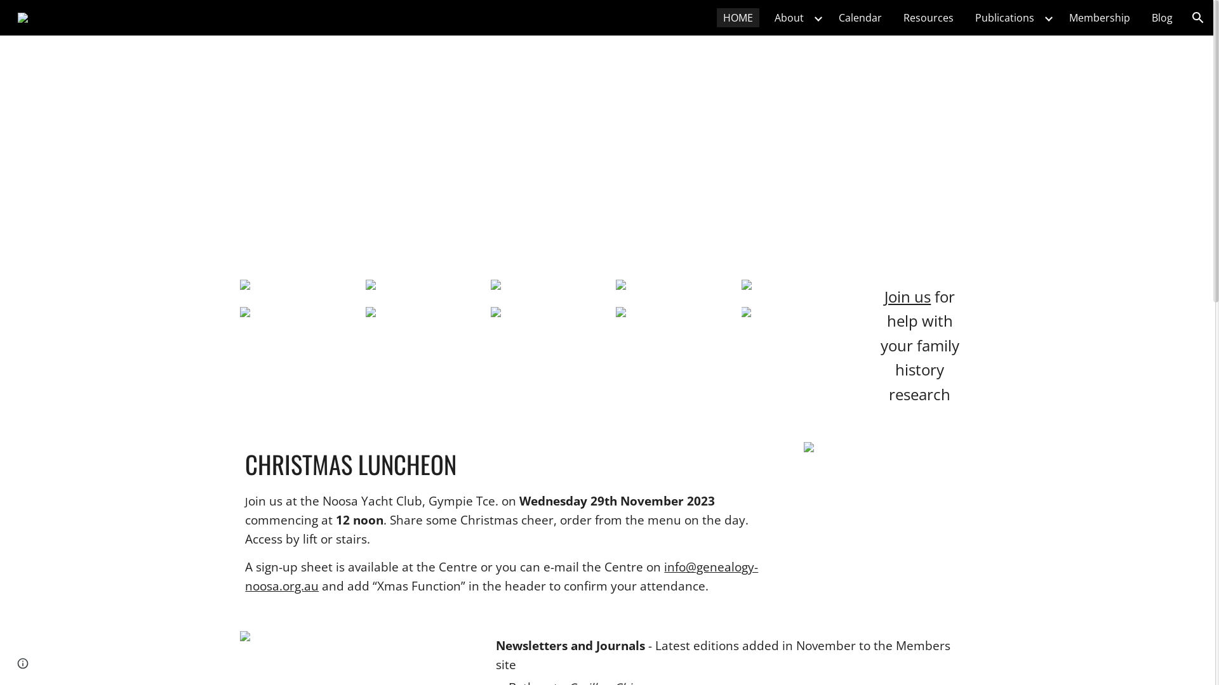 This screenshot has height=685, width=1219. I want to click on 'Calendar', so click(860, 17).